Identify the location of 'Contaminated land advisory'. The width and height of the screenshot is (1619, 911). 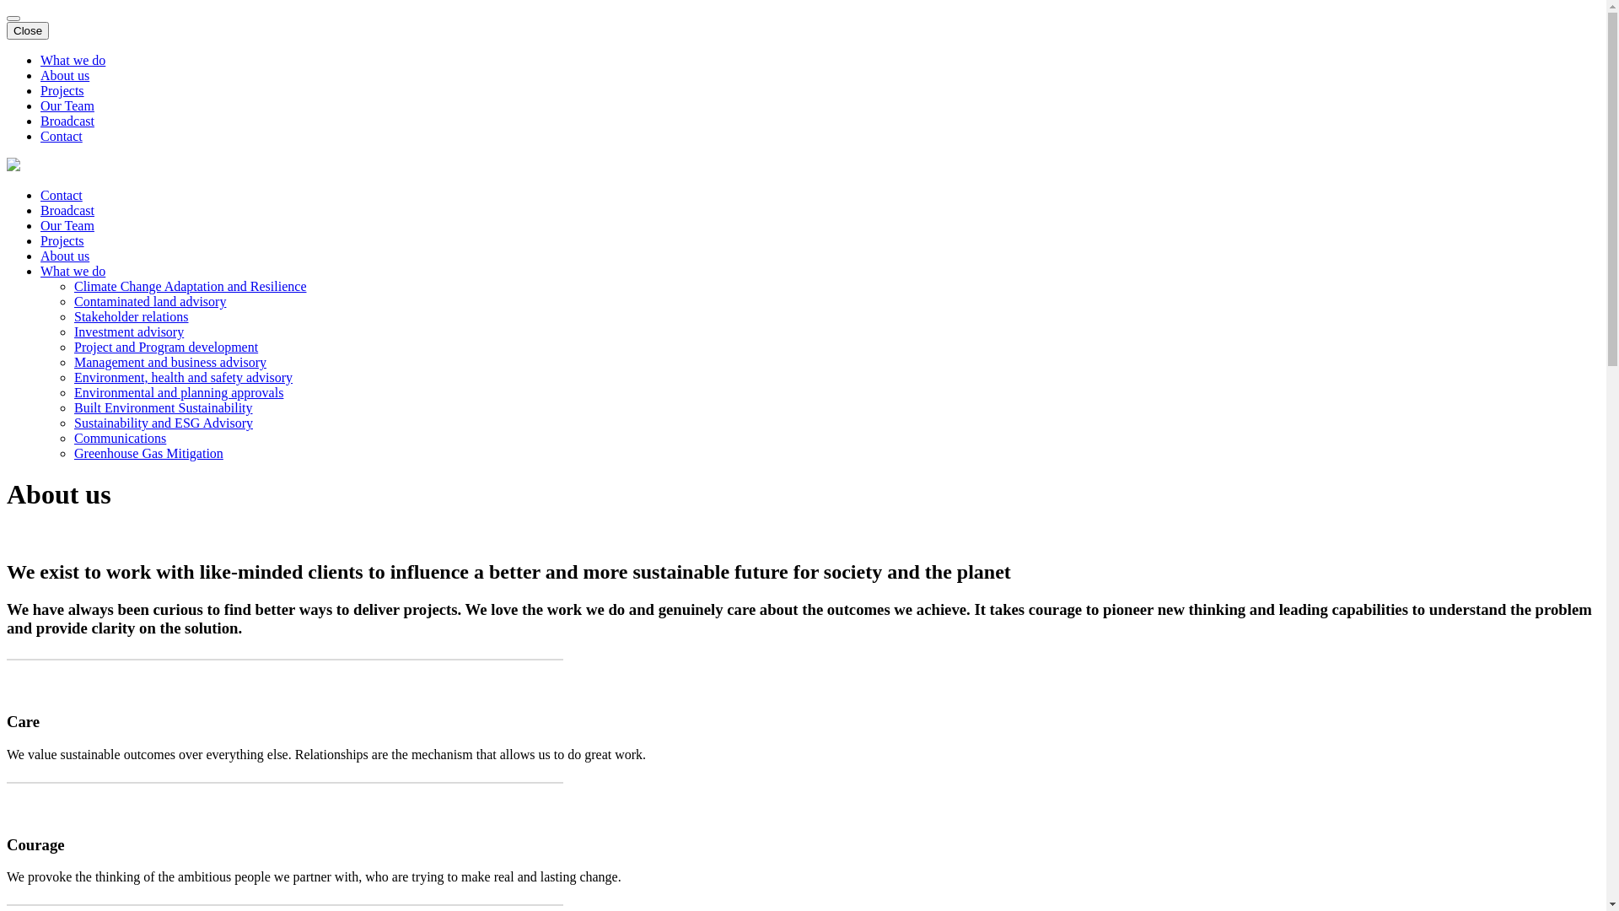
(73, 300).